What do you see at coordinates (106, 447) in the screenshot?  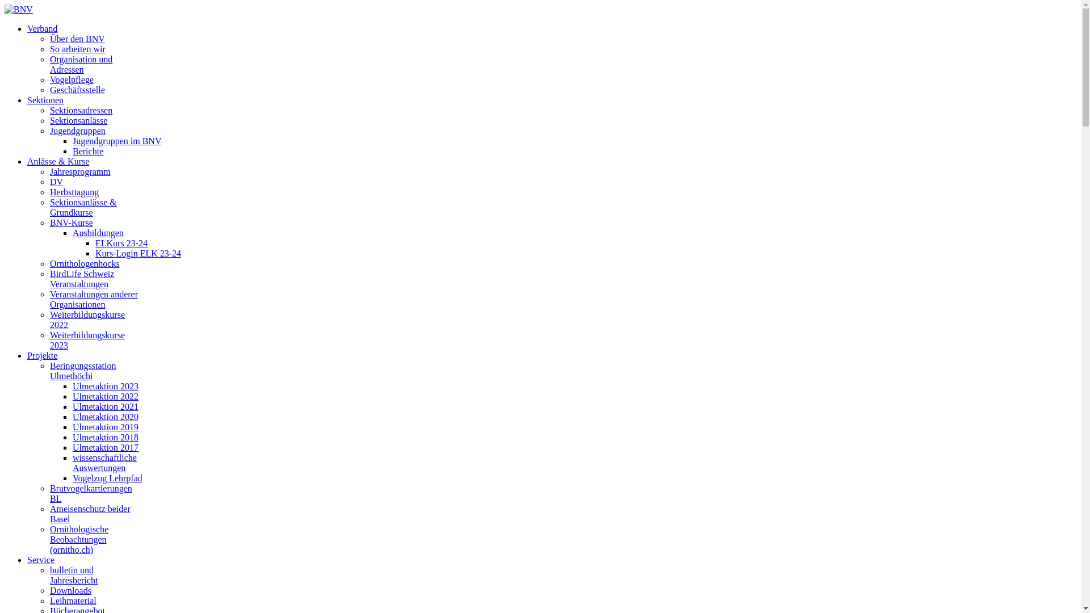 I see `'Ulmetaktion 2017'` at bounding box center [106, 447].